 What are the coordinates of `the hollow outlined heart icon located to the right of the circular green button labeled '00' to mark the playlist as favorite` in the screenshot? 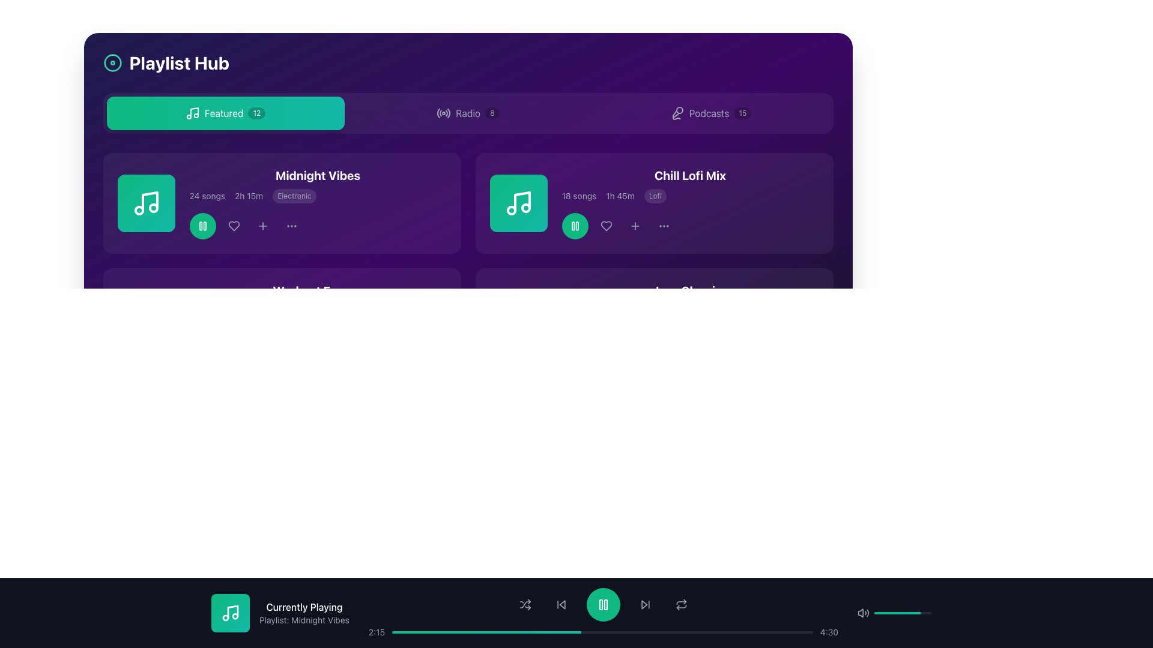 It's located at (234, 226).